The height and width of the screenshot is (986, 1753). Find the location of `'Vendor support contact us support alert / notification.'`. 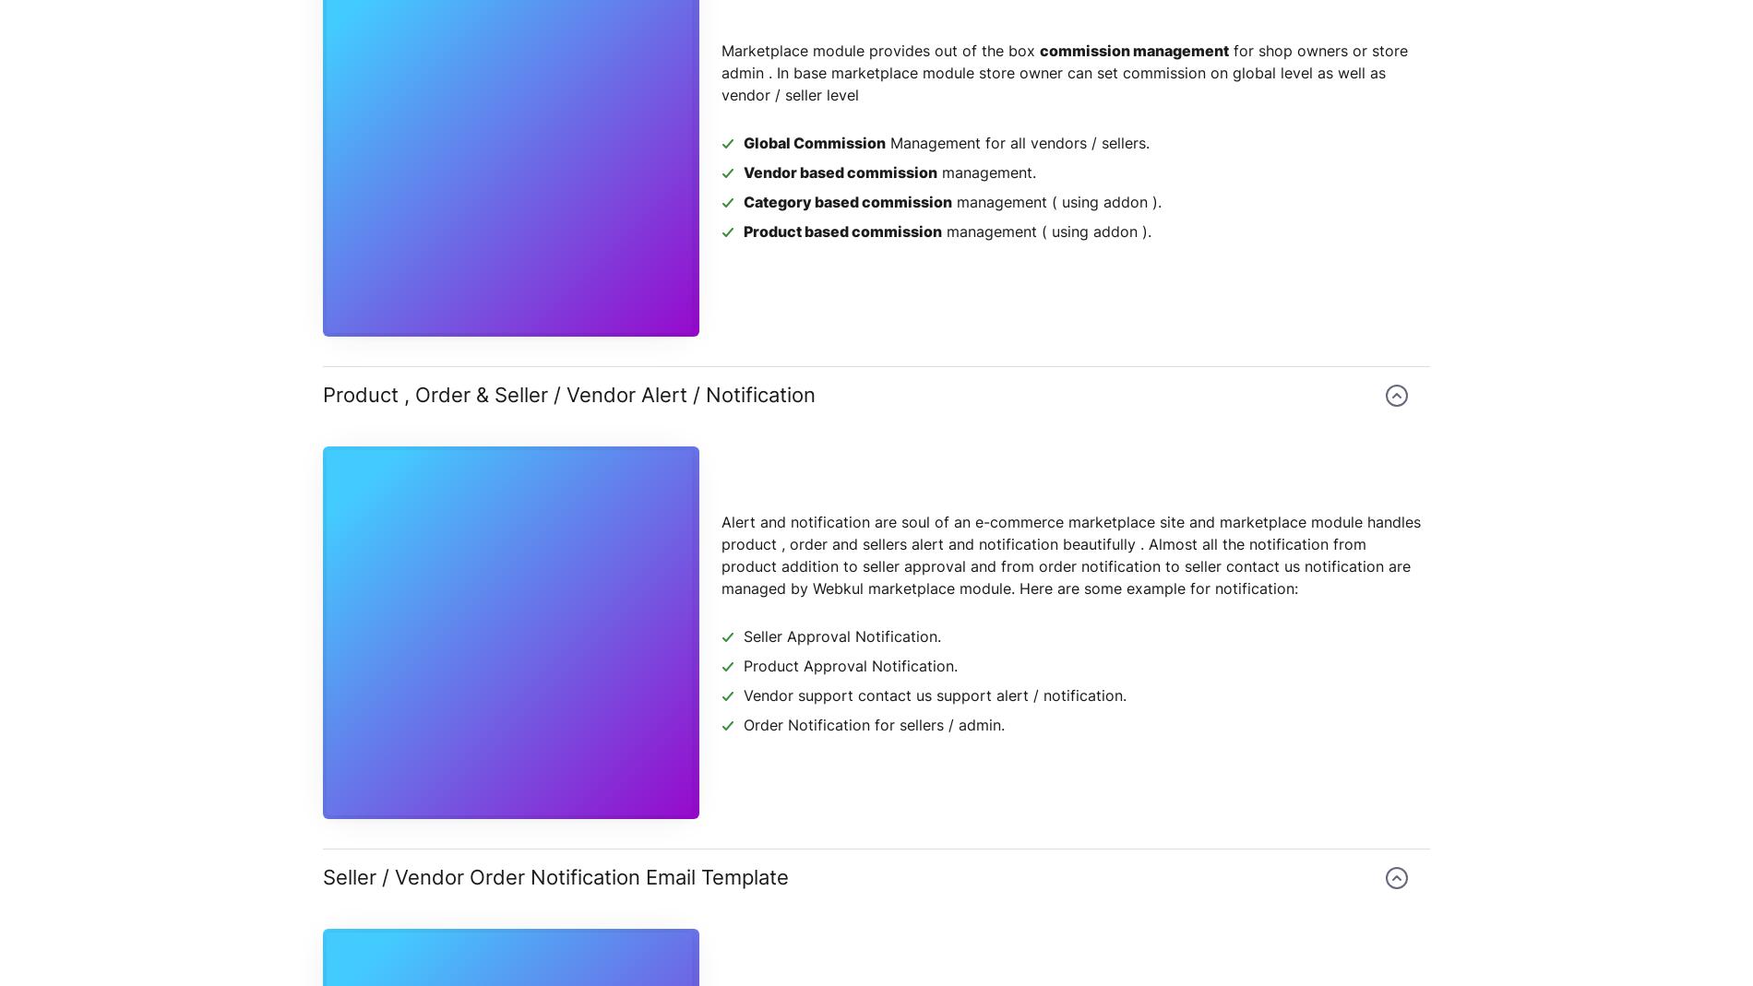

'Vendor support contact us support alert / notification.' is located at coordinates (742, 695).